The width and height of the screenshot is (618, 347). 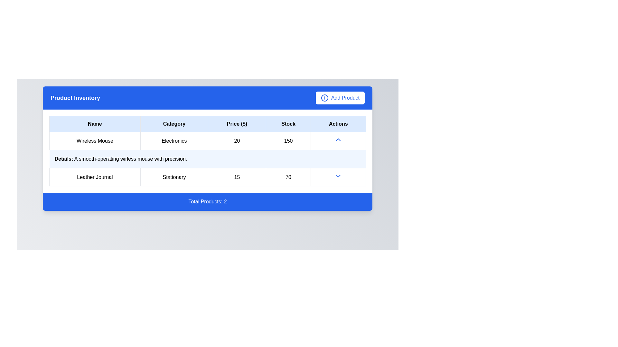 What do you see at coordinates (174, 124) in the screenshot?
I see `the Table Header with light blue background and bold text 'Category', which is the second column header in the table` at bounding box center [174, 124].